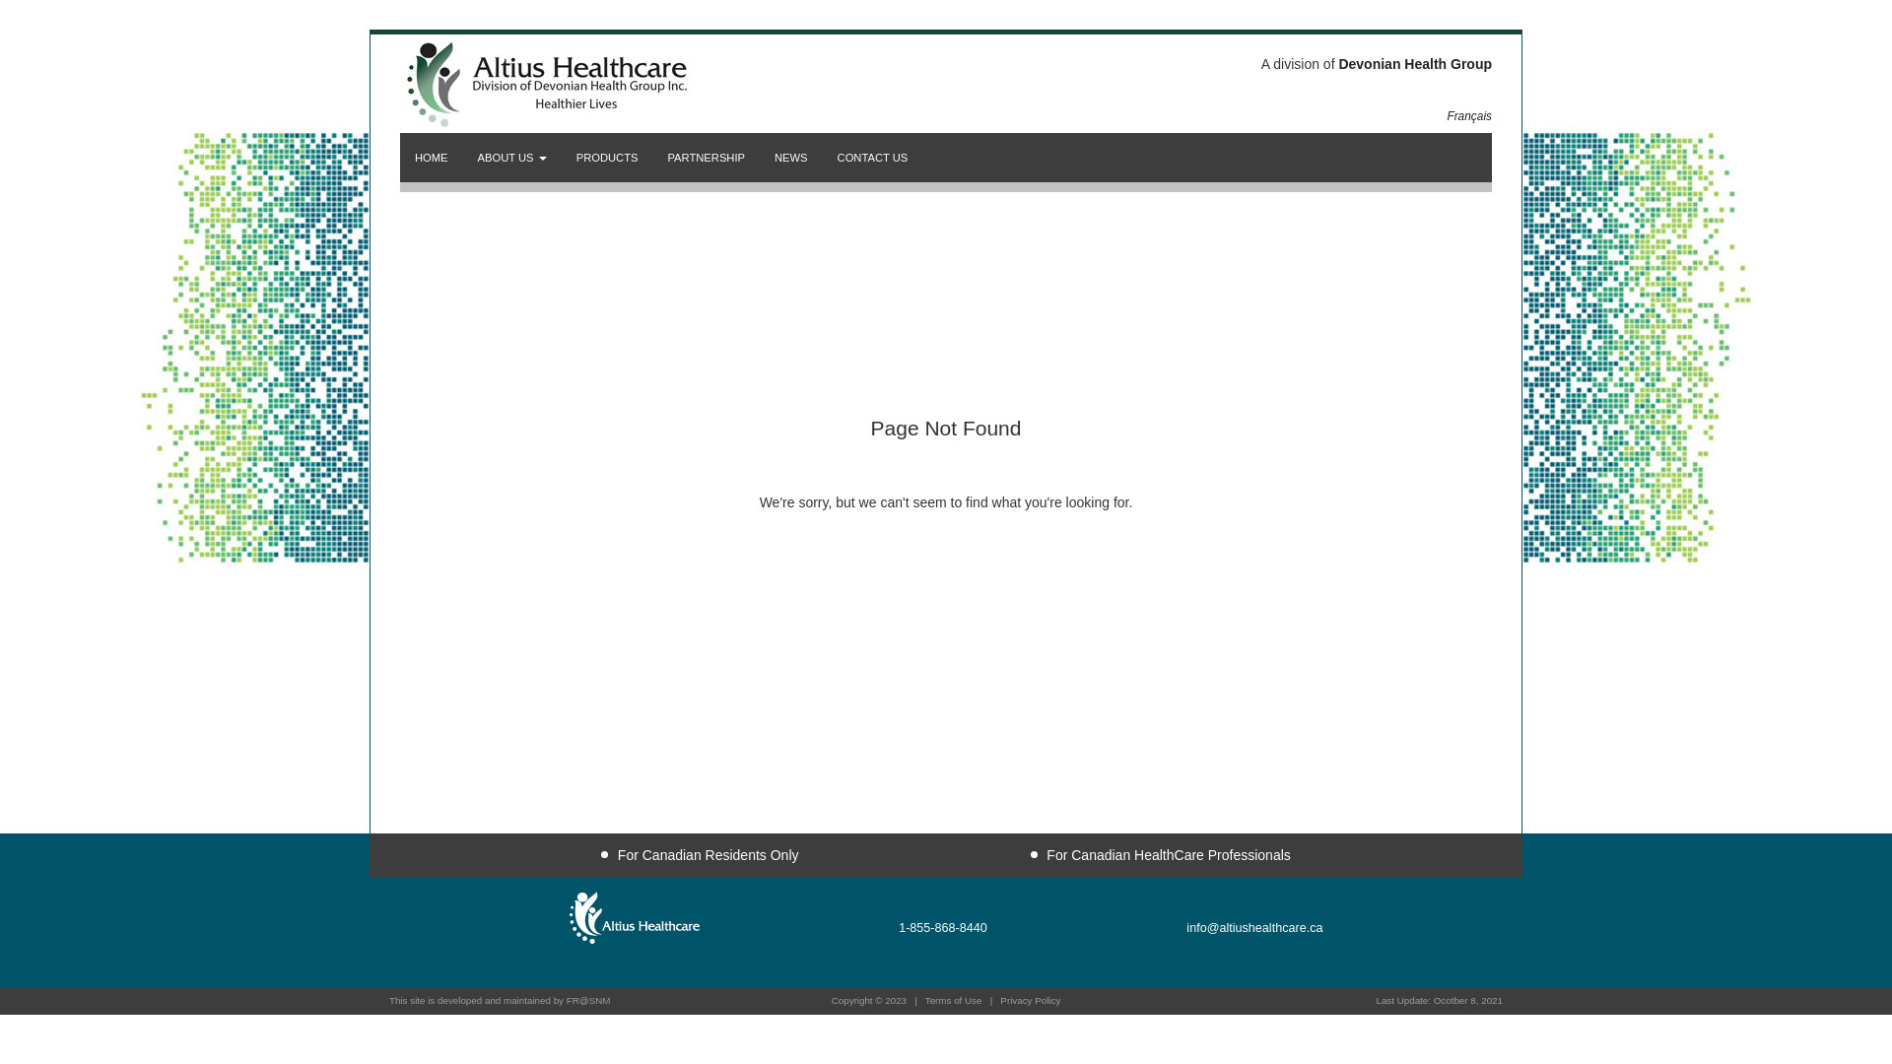 Image resolution: width=1892 pixels, height=1064 pixels. Describe the element at coordinates (511, 156) in the screenshot. I see `'ABOUT US'` at that location.